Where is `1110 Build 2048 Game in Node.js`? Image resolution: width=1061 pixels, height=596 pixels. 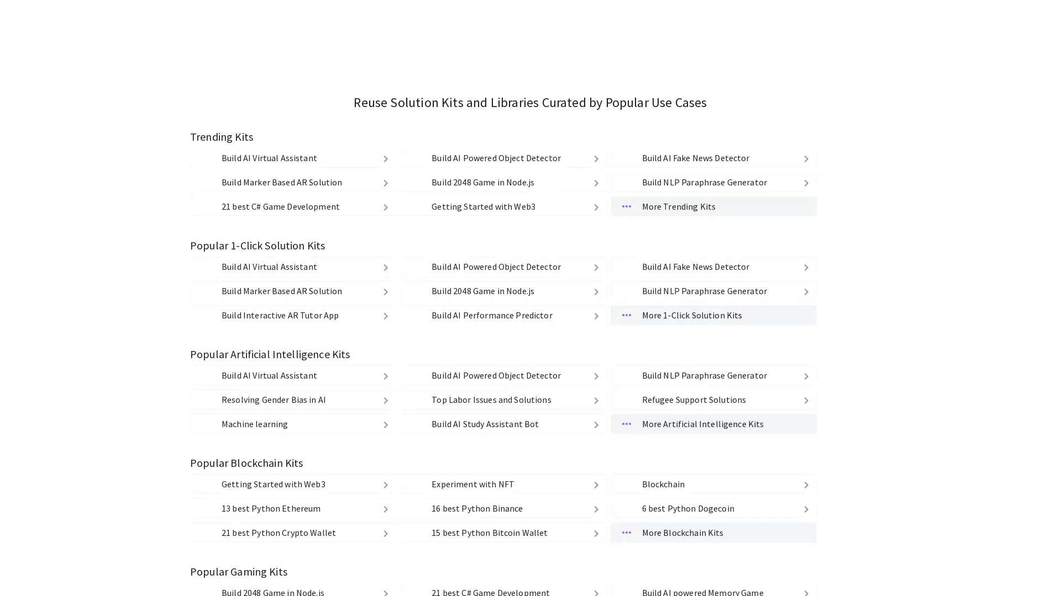 1110 Build 2048 Game in Node.js is located at coordinates (502, 459).